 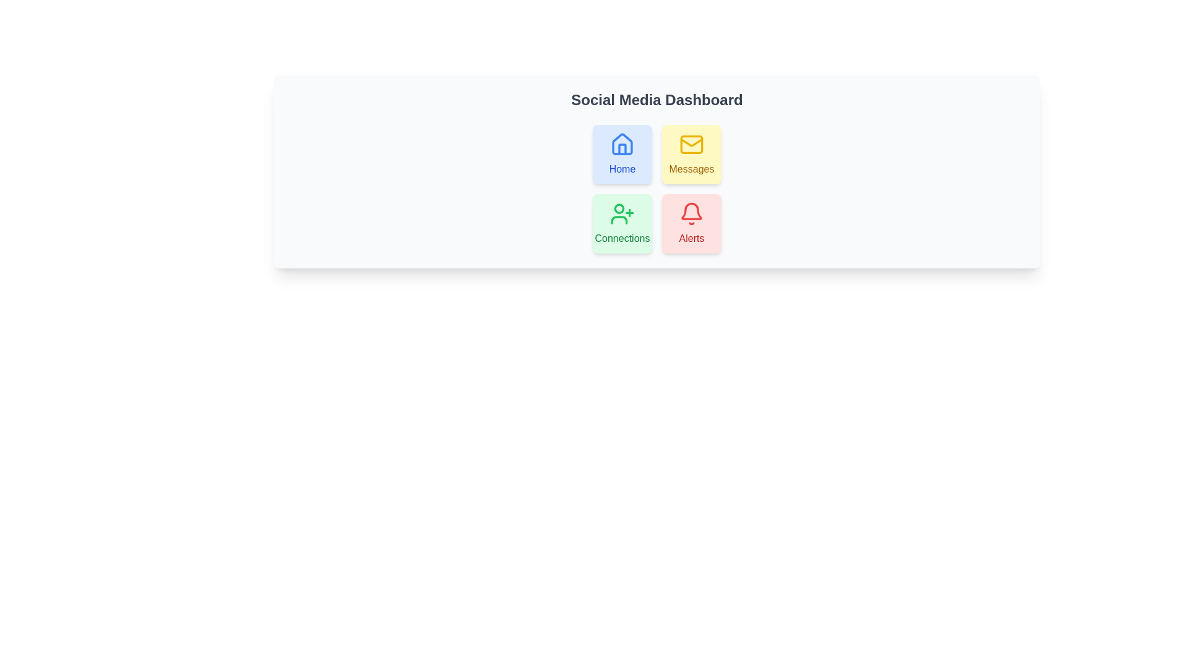 What do you see at coordinates (622, 224) in the screenshot?
I see `the 'Connections' button, which is a clickable card with a user silhouette icon and a label below, located in the bottom-left corner of the grid layout` at bounding box center [622, 224].